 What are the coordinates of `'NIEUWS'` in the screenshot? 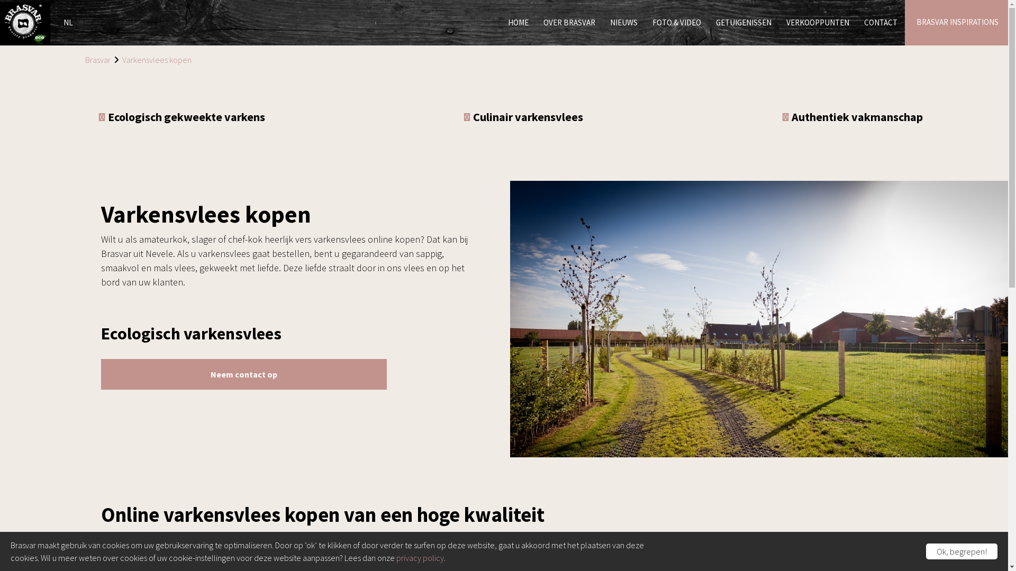 It's located at (624, 23).